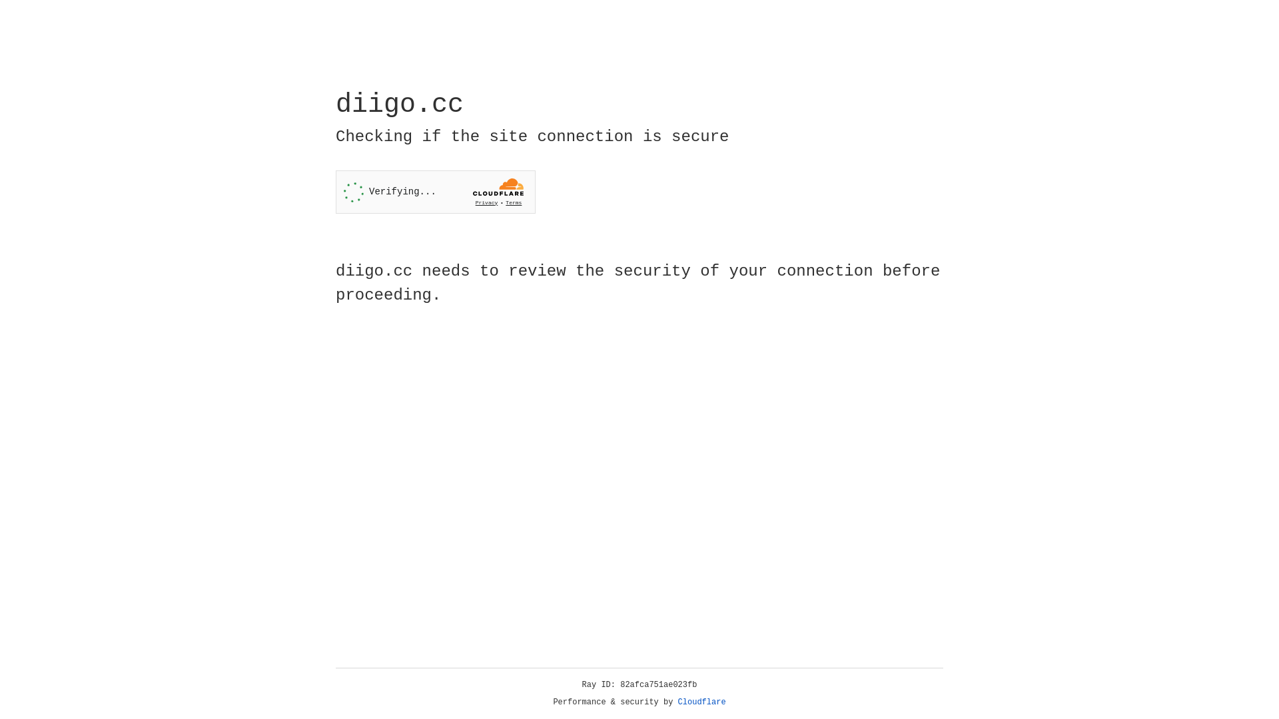  Describe the element at coordinates (677, 702) in the screenshot. I see `'Cloudflare'` at that location.